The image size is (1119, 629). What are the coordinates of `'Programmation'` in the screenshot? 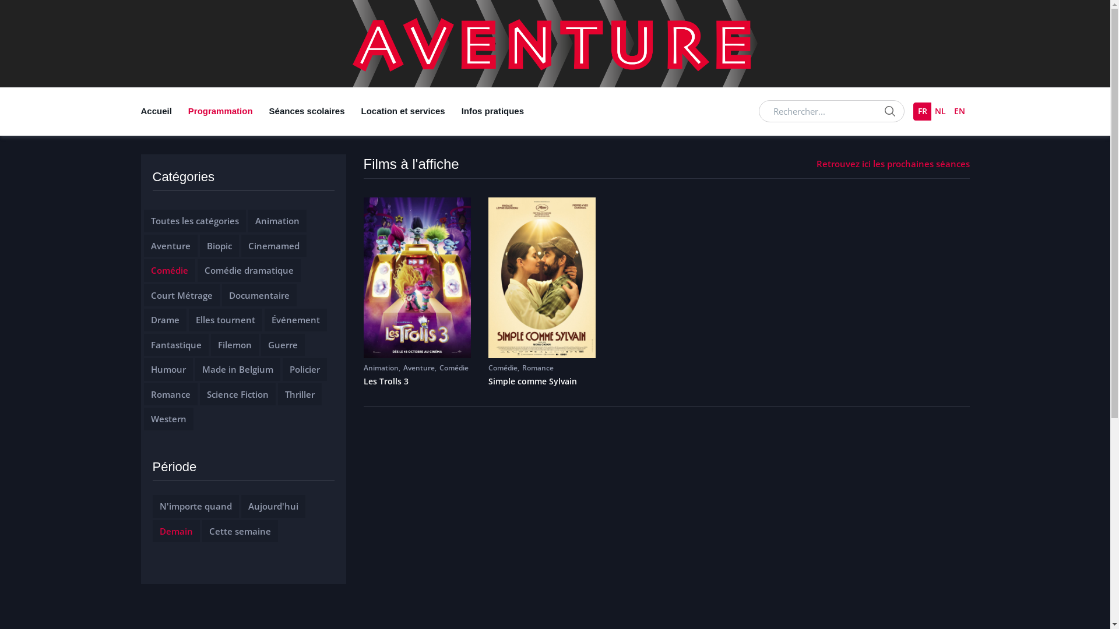 It's located at (179, 111).